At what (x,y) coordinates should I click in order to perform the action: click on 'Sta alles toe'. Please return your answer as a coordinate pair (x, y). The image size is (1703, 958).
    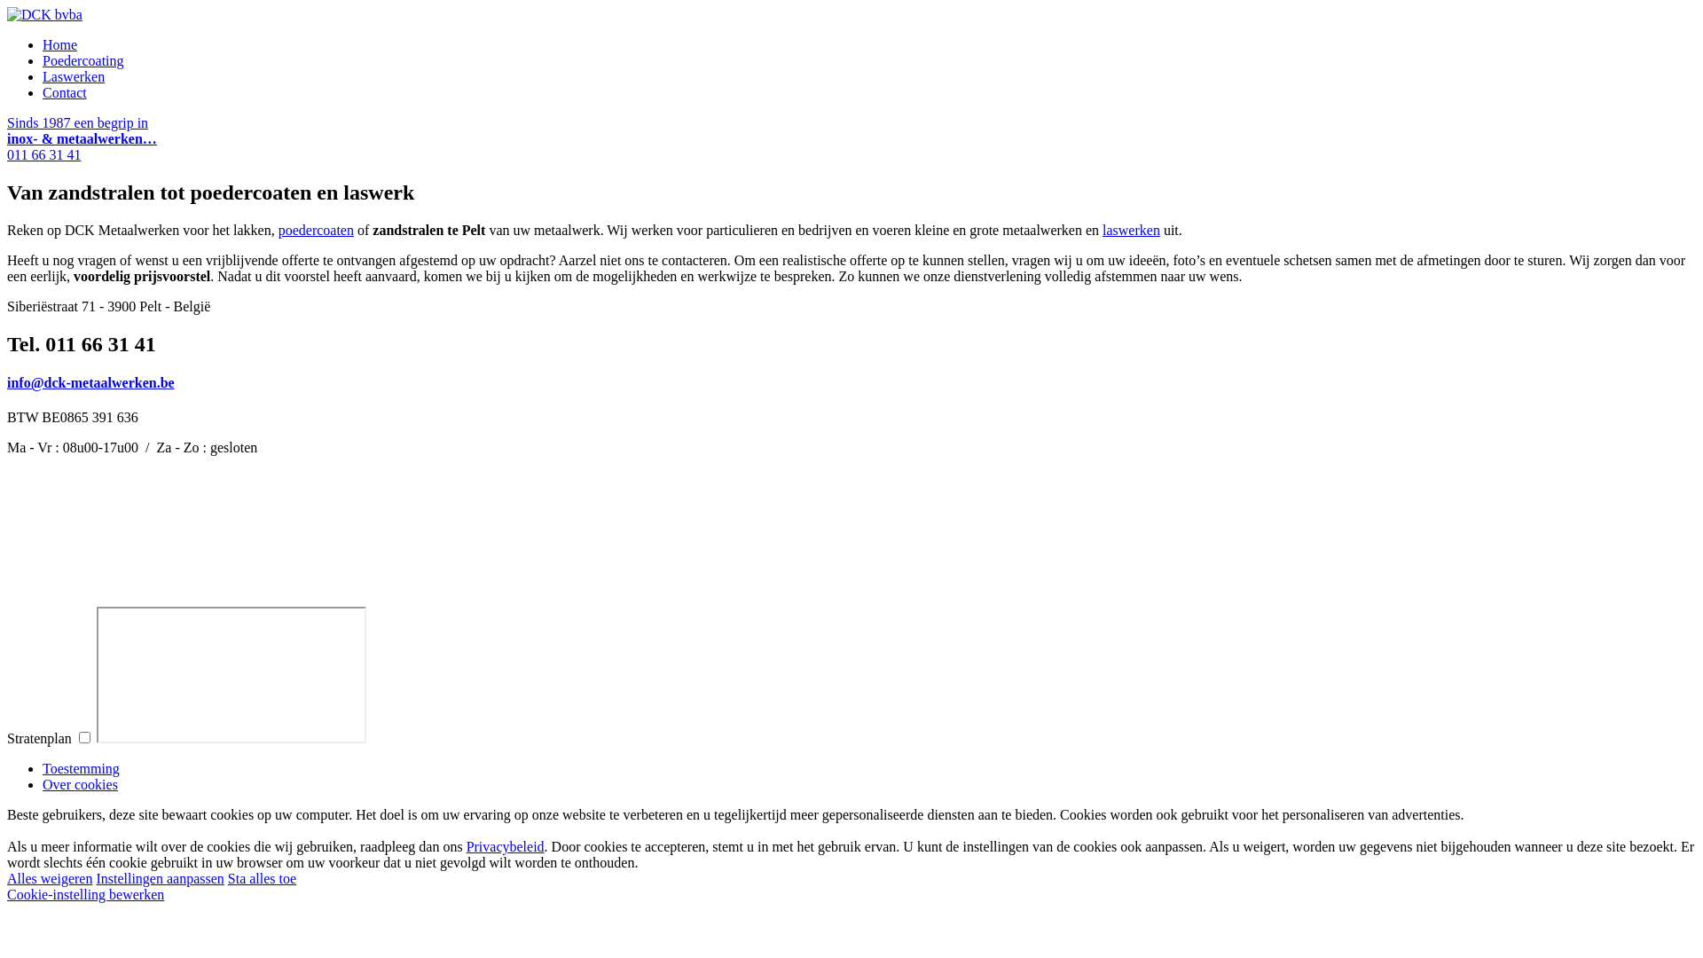
    Looking at the image, I should click on (261, 878).